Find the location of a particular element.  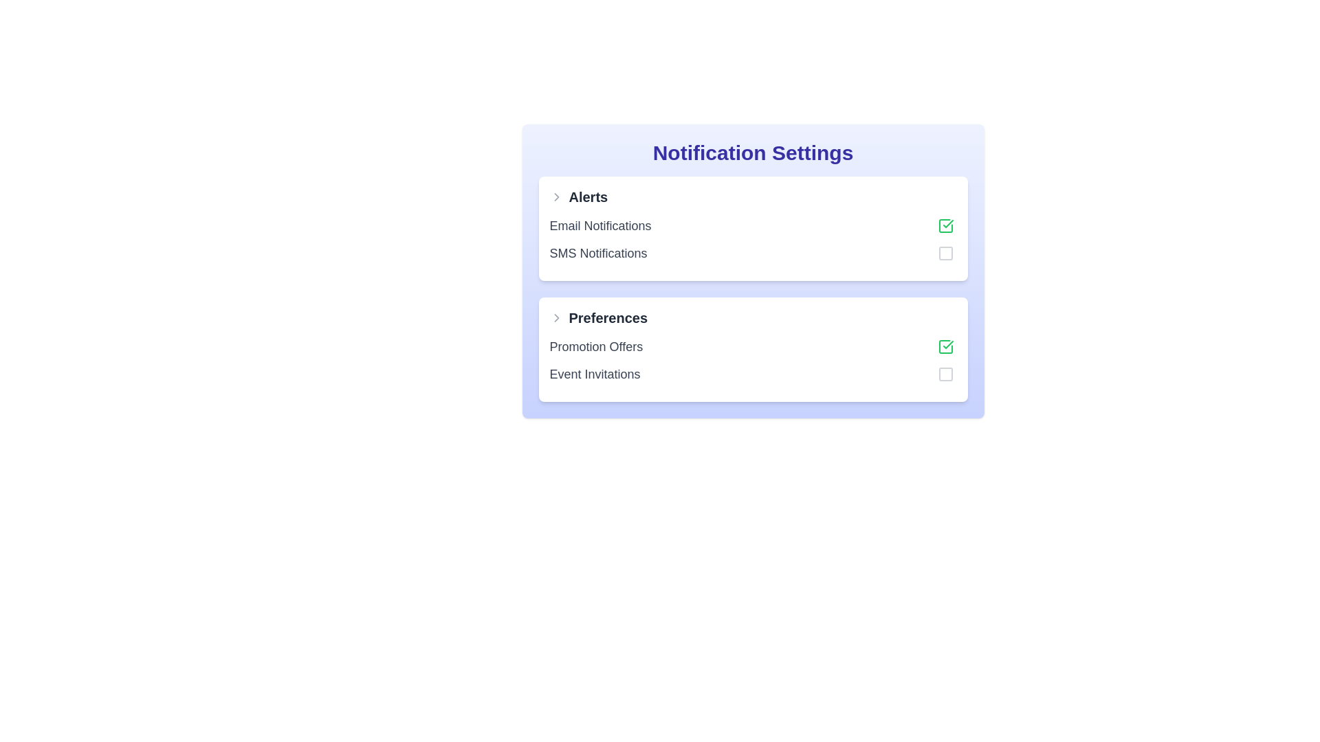

the chevron icon positioned to the left of the 'Preferences' text in the 'Notification Settings' section is located at coordinates (556, 317).